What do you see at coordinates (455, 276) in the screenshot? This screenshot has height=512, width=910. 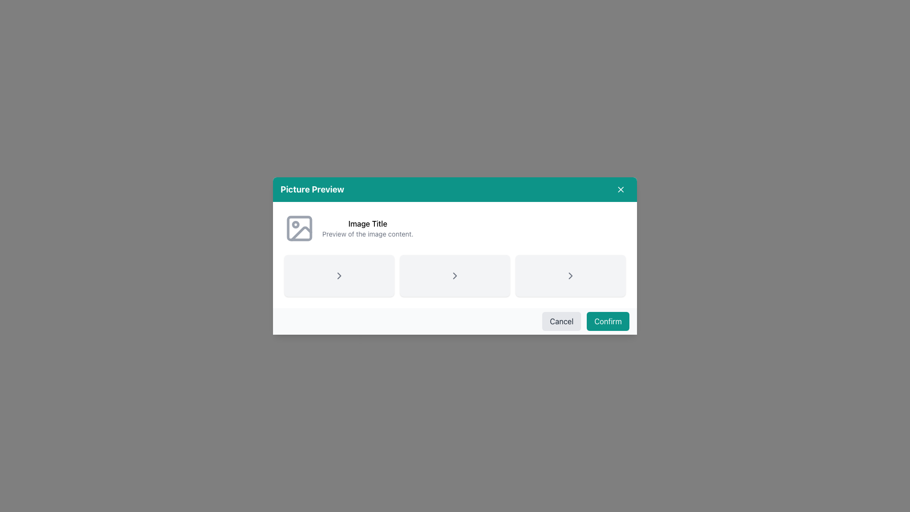 I see `the chevron icon in the center of the light gray rectangular area` at bounding box center [455, 276].